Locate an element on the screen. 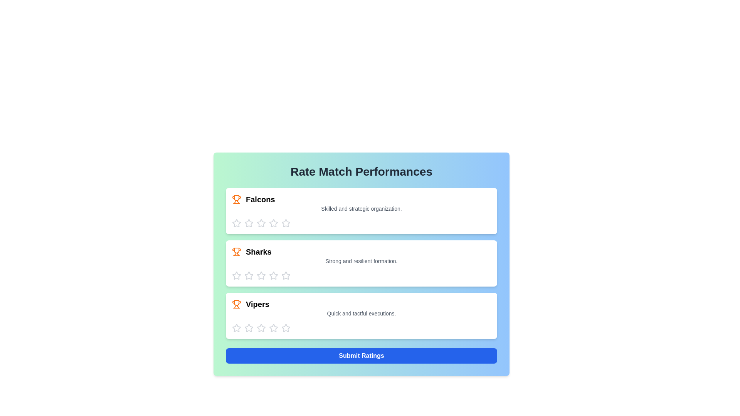 Image resolution: width=740 pixels, height=416 pixels. the Vipers team's 2 star to set the rating is located at coordinates (249, 328).